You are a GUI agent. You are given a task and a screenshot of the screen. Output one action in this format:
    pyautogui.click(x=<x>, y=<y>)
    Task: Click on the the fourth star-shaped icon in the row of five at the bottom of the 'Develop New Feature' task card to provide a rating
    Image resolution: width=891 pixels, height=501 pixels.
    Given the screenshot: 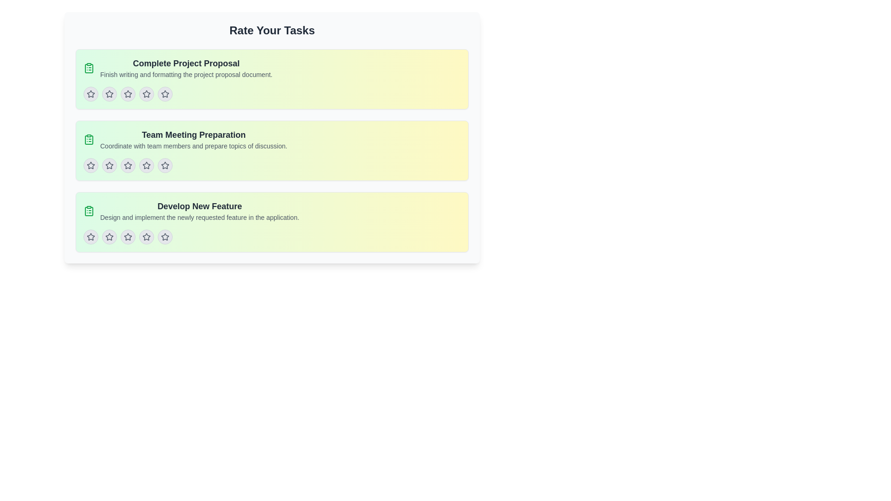 What is the action you would take?
    pyautogui.click(x=127, y=236)
    